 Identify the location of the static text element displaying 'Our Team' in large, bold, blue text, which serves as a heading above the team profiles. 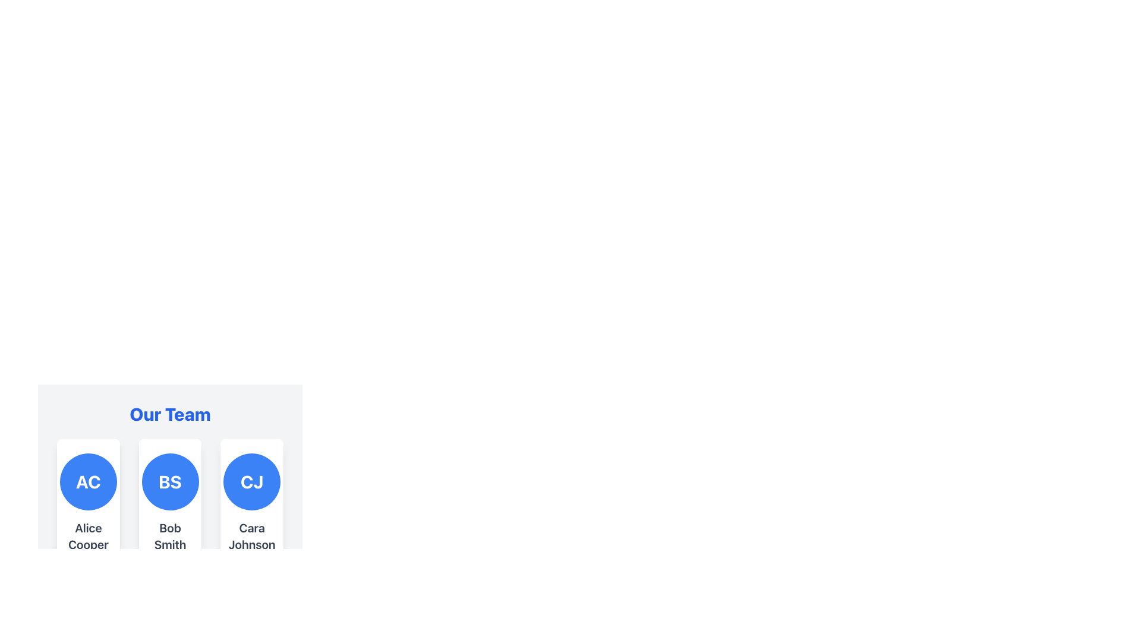
(169, 414).